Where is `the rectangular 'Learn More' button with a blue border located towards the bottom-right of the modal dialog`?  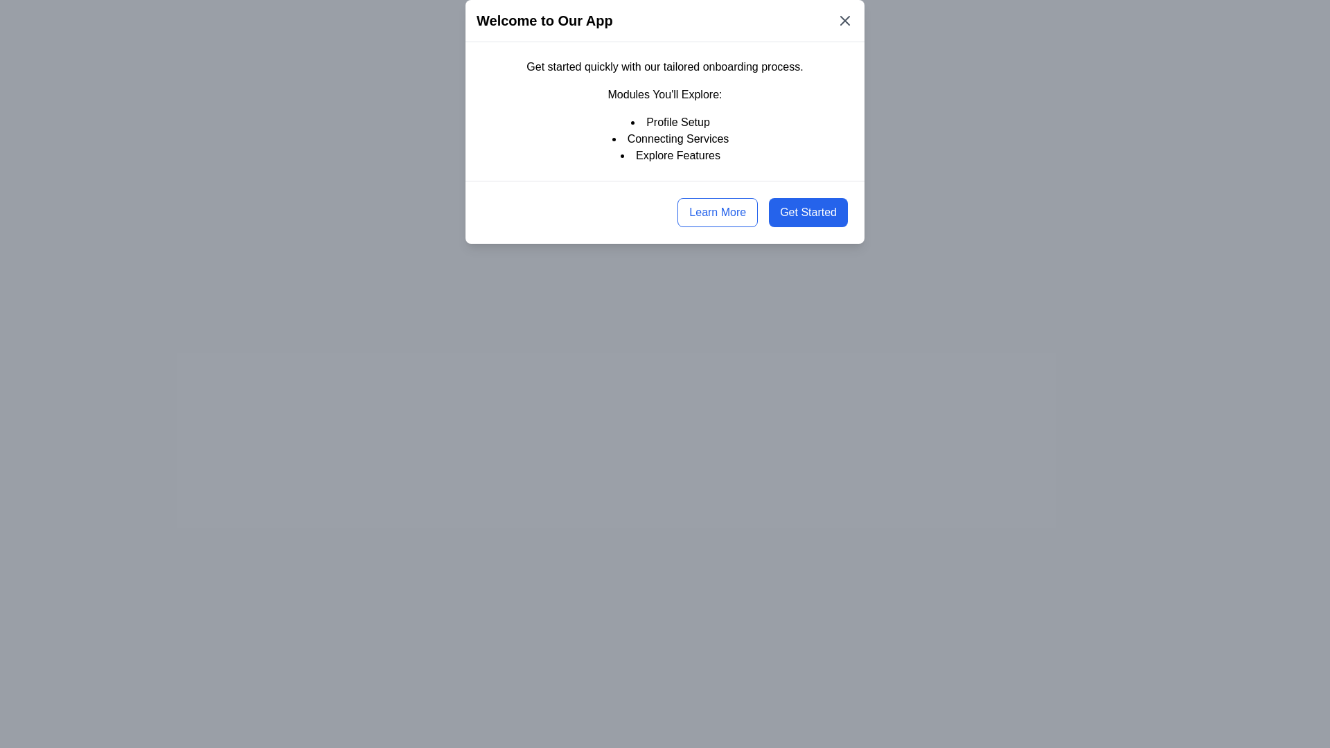
the rectangular 'Learn More' button with a blue border located towards the bottom-right of the modal dialog is located at coordinates (718, 213).